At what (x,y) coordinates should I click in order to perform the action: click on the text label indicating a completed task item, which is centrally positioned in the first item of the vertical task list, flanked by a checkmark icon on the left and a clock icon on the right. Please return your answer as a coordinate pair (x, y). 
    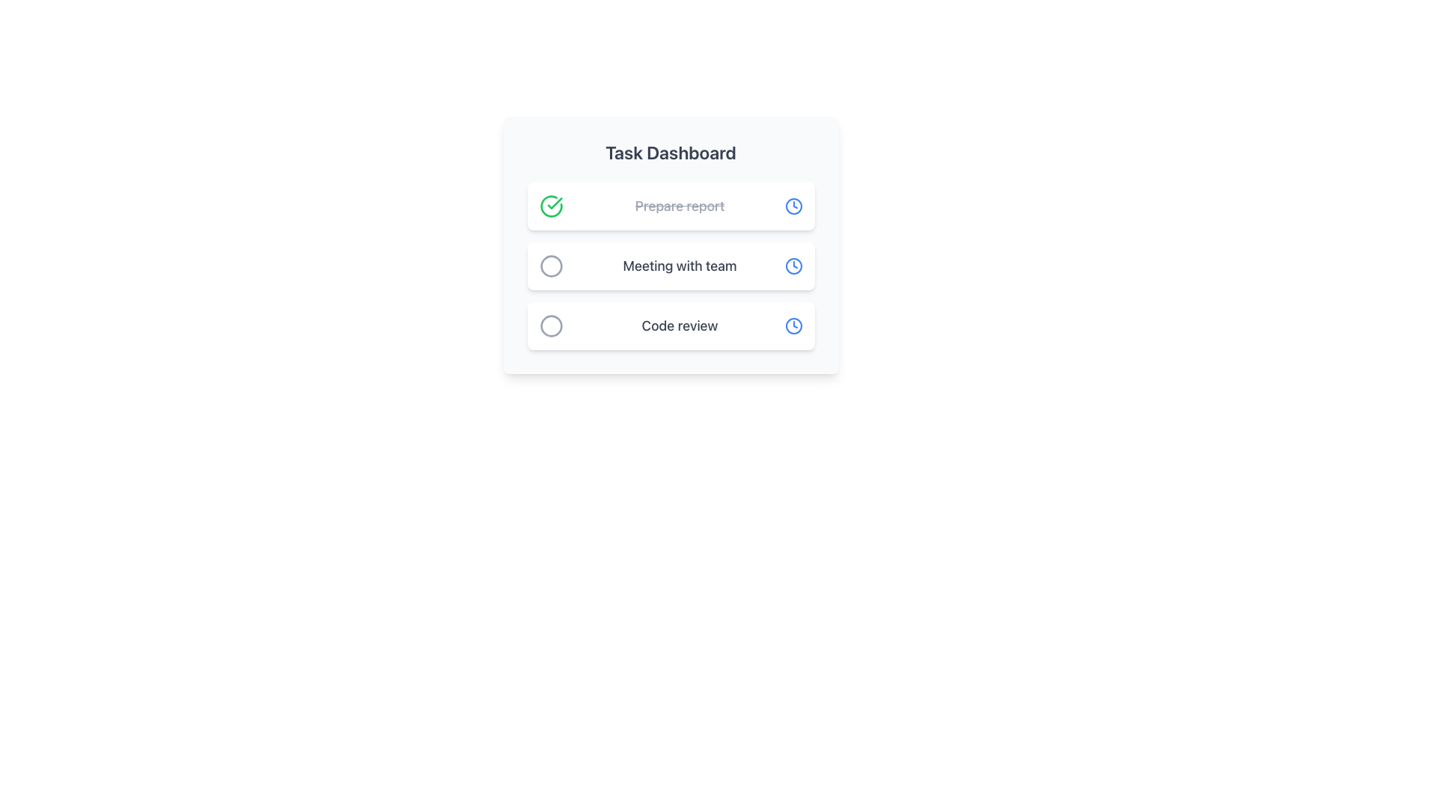
    Looking at the image, I should click on (679, 206).